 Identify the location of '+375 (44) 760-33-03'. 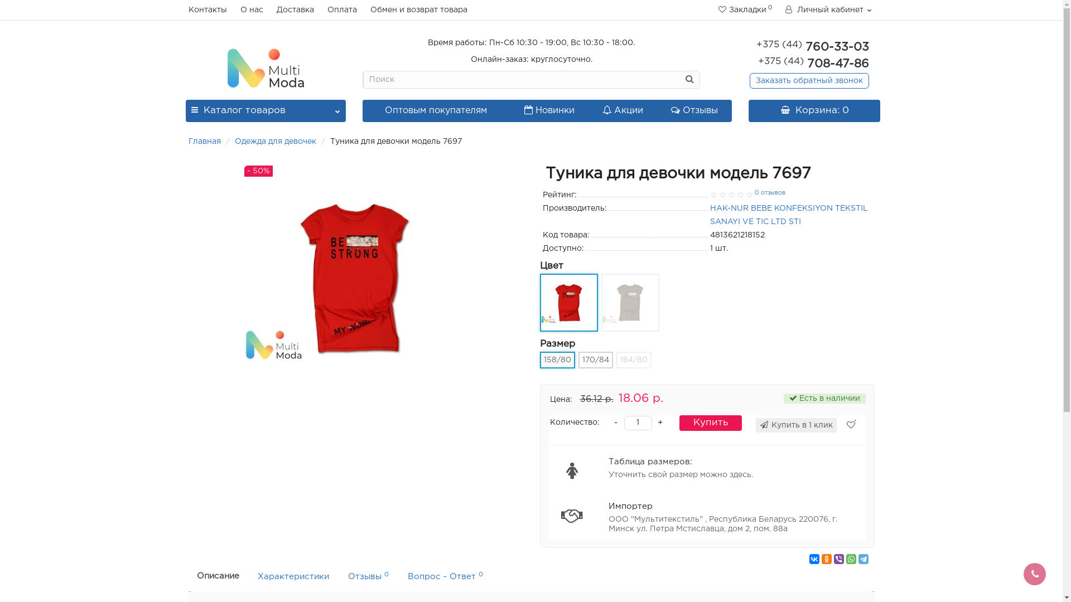
(813, 46).